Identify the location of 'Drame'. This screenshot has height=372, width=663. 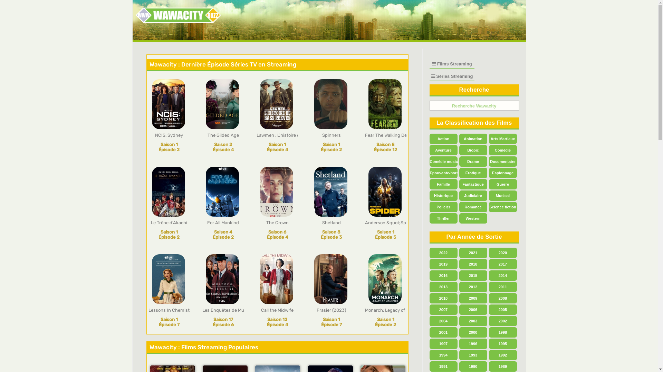
(473, 162).